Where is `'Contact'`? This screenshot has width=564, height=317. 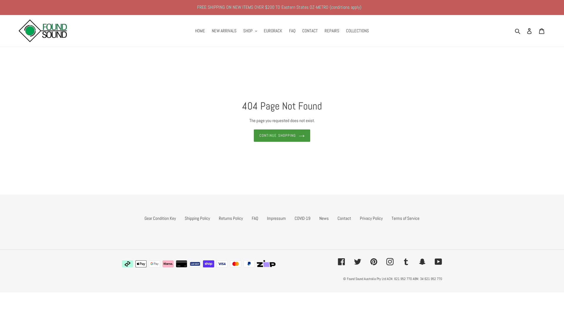 'Contact' is located at coordinates (344, 218).